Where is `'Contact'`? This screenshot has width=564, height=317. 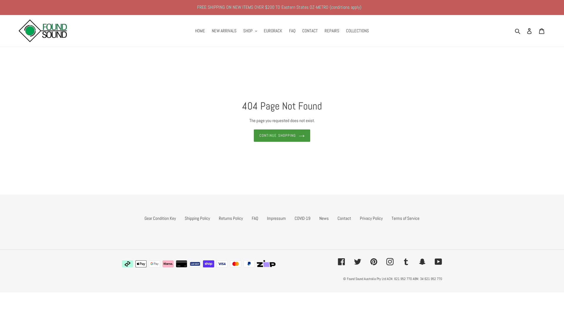 'Contact' is located at coordinates (344, 218).